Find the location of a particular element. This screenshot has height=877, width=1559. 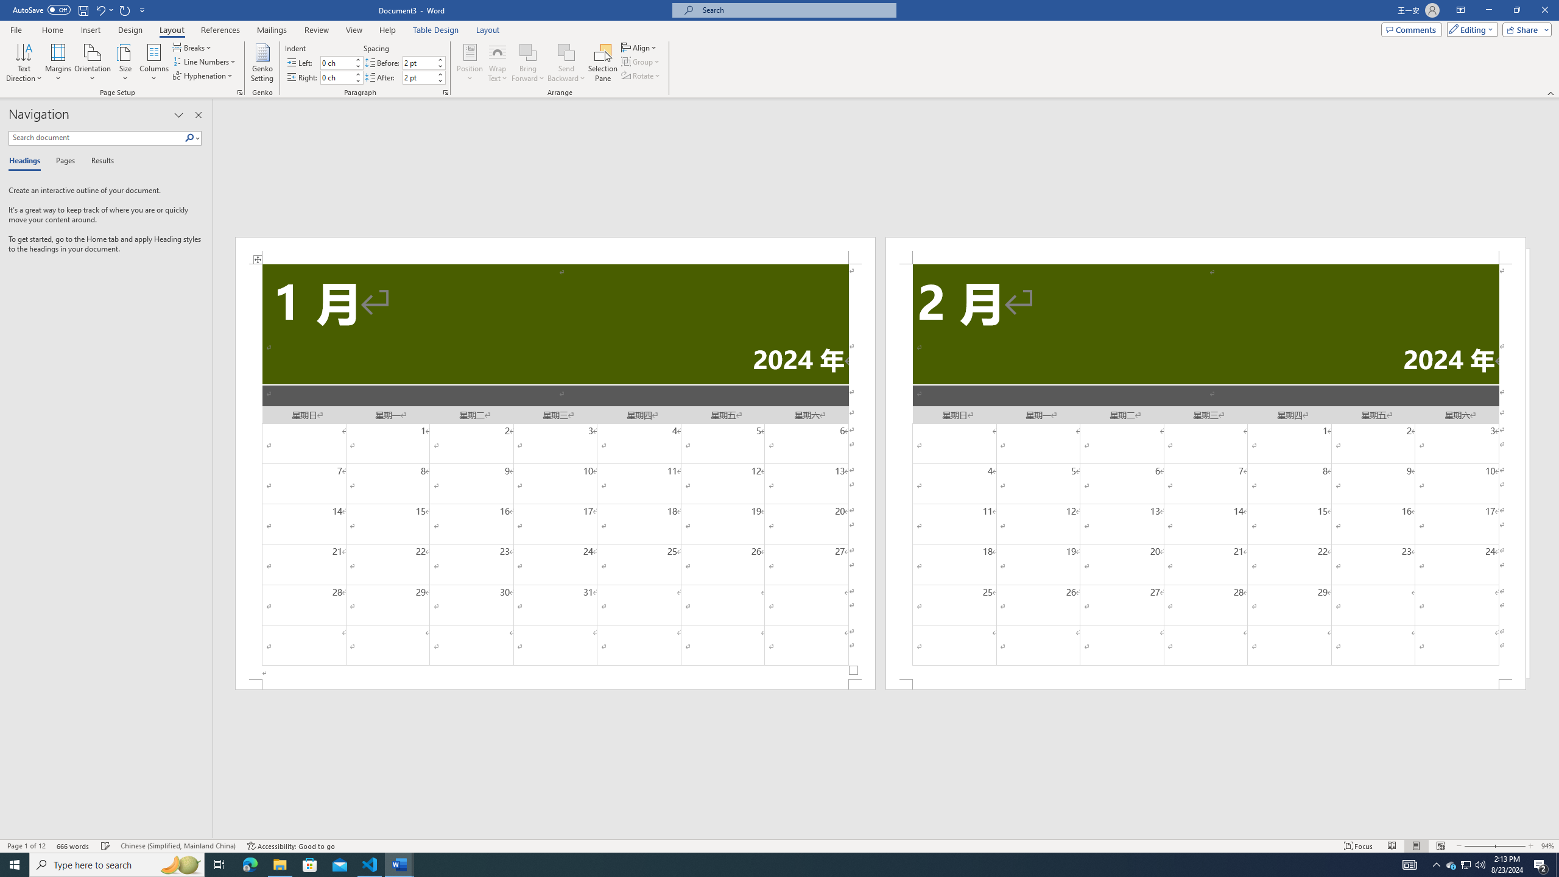

'Line Numbers' is located at coordinates (204, 60).